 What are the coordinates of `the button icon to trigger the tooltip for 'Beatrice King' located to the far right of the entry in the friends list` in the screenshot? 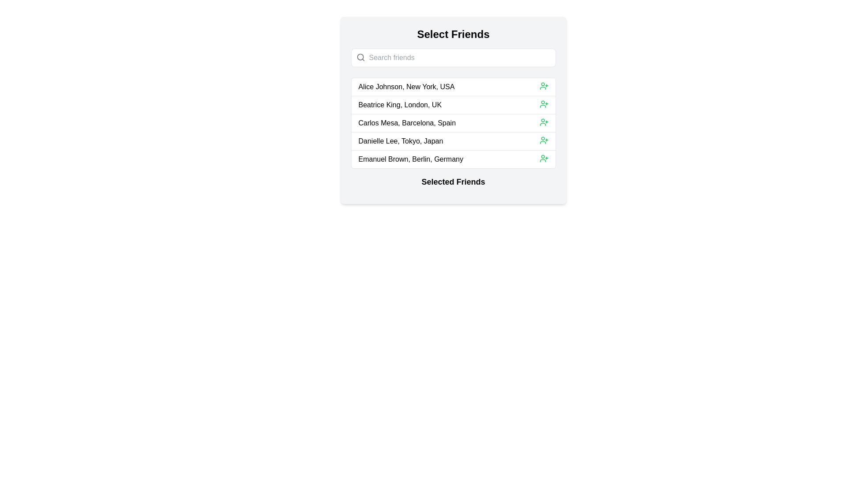 It's located at (543, 103).